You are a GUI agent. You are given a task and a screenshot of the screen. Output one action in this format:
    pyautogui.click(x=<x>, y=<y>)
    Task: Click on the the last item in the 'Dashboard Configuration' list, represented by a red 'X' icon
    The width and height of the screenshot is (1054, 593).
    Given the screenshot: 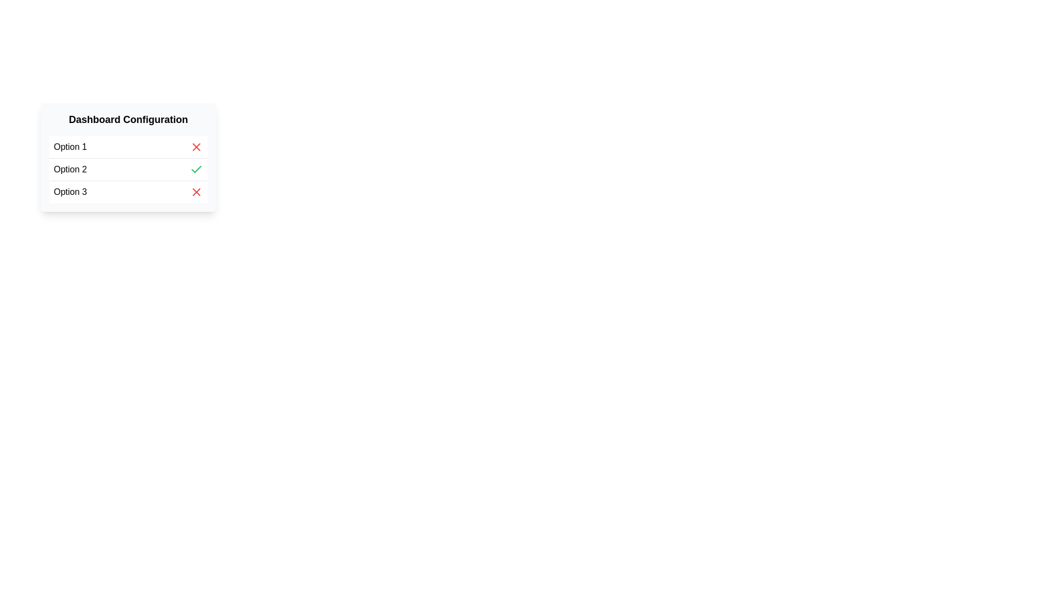 What is the action you would take?
    pyautogui.click(x=128, y=192)
    